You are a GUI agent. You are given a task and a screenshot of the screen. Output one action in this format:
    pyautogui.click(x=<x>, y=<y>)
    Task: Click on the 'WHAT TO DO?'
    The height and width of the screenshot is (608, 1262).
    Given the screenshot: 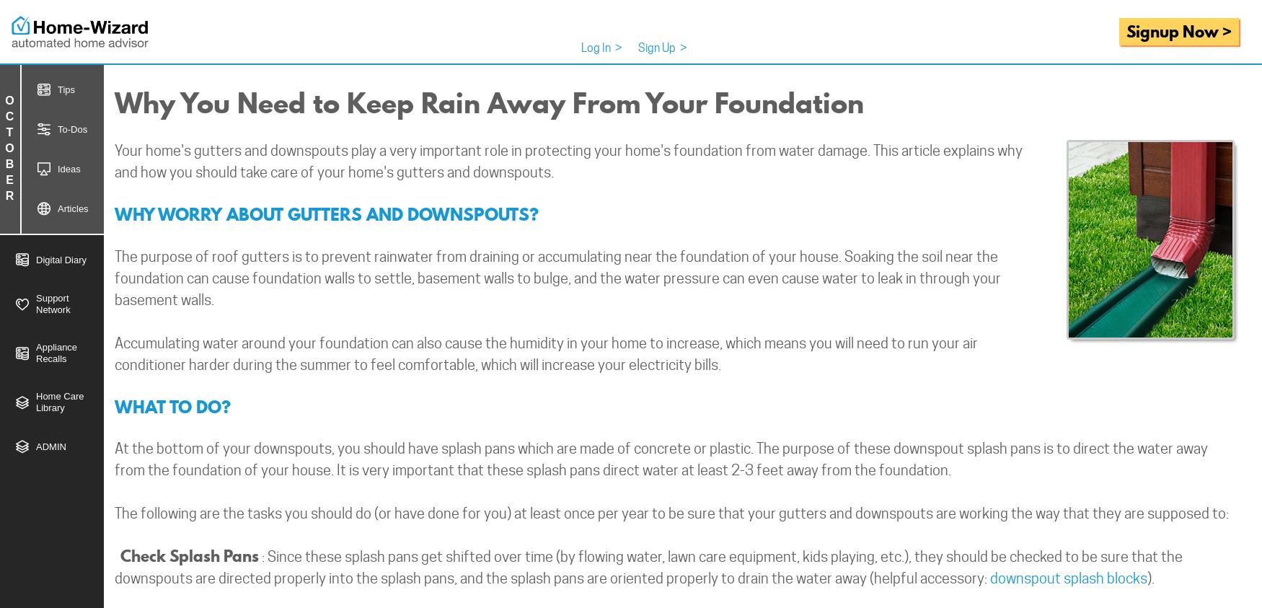 What is the action you would take?
    pyautogui.click(x=172, y=405)
    